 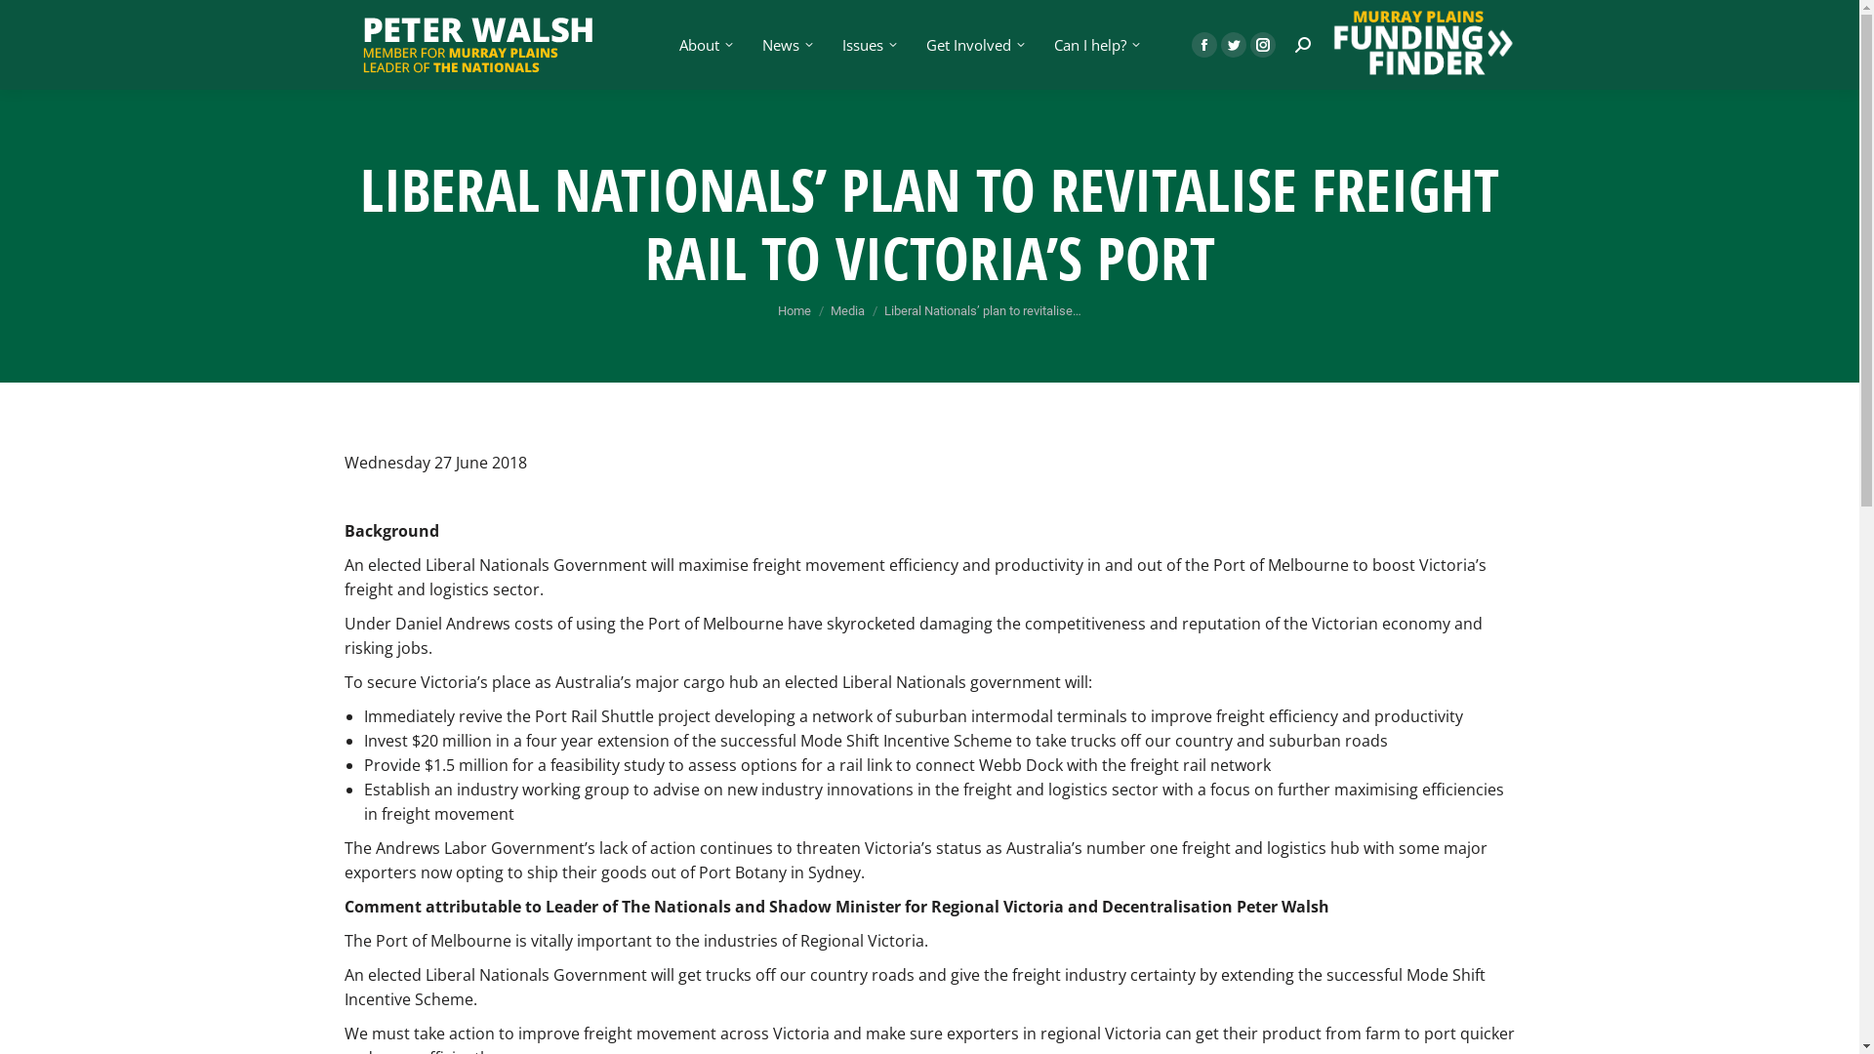 I want to click on 'About', so click(x=703, y=44).